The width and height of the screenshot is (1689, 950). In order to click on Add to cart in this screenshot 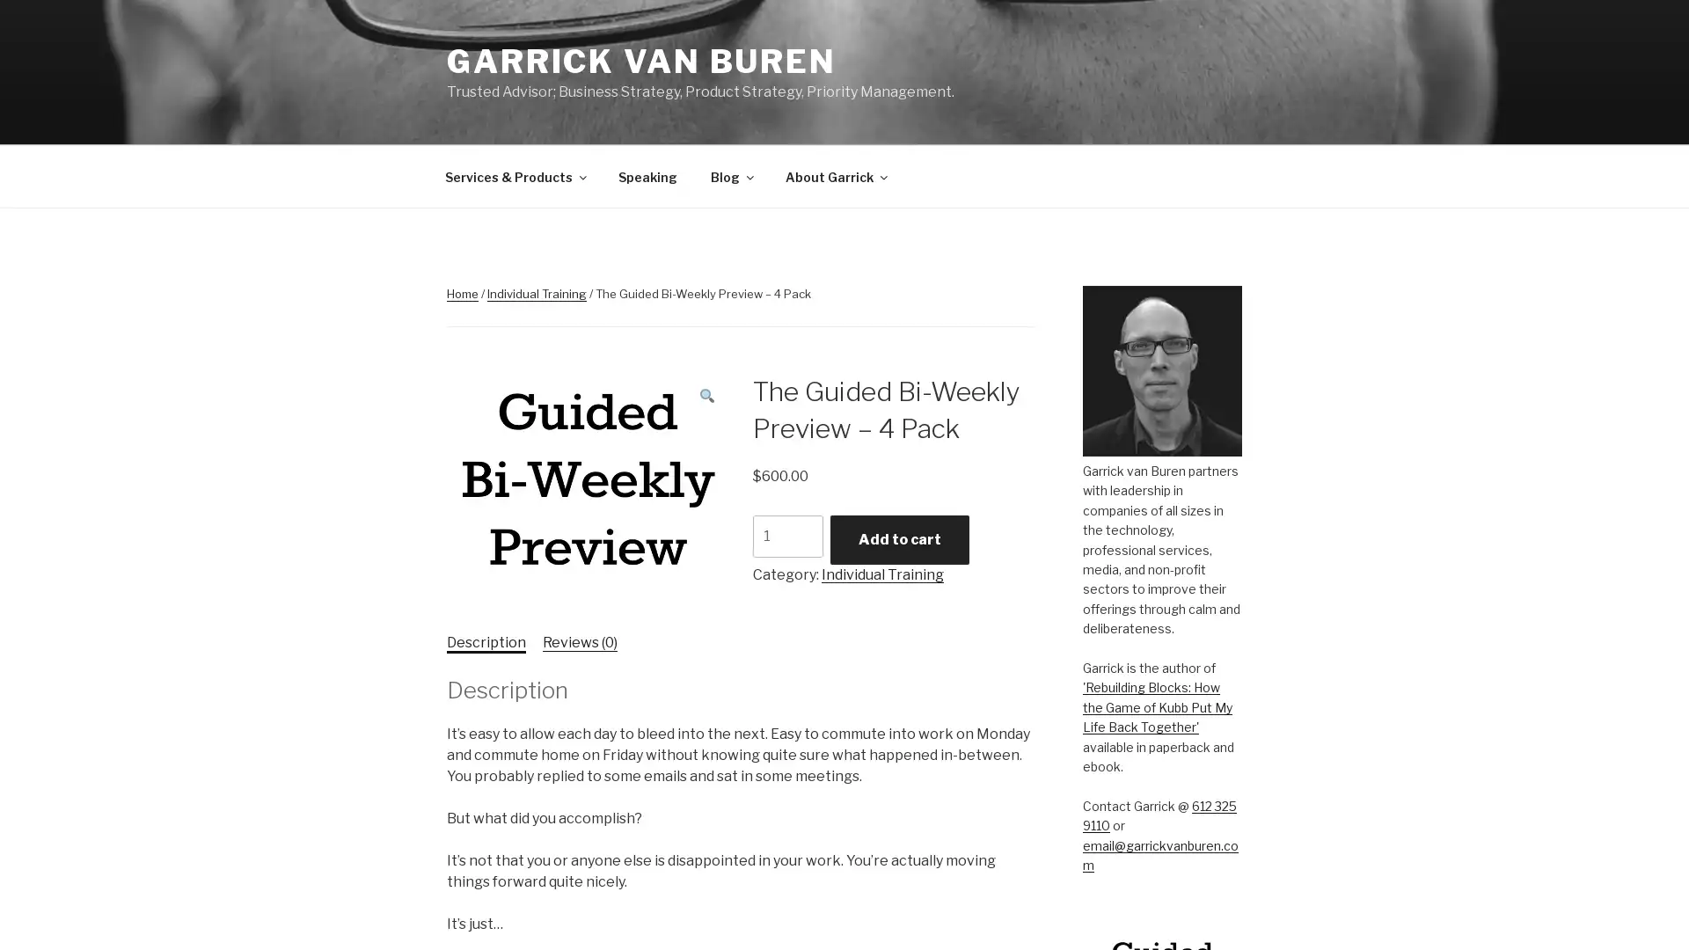, I will do `click(899, 538)`.